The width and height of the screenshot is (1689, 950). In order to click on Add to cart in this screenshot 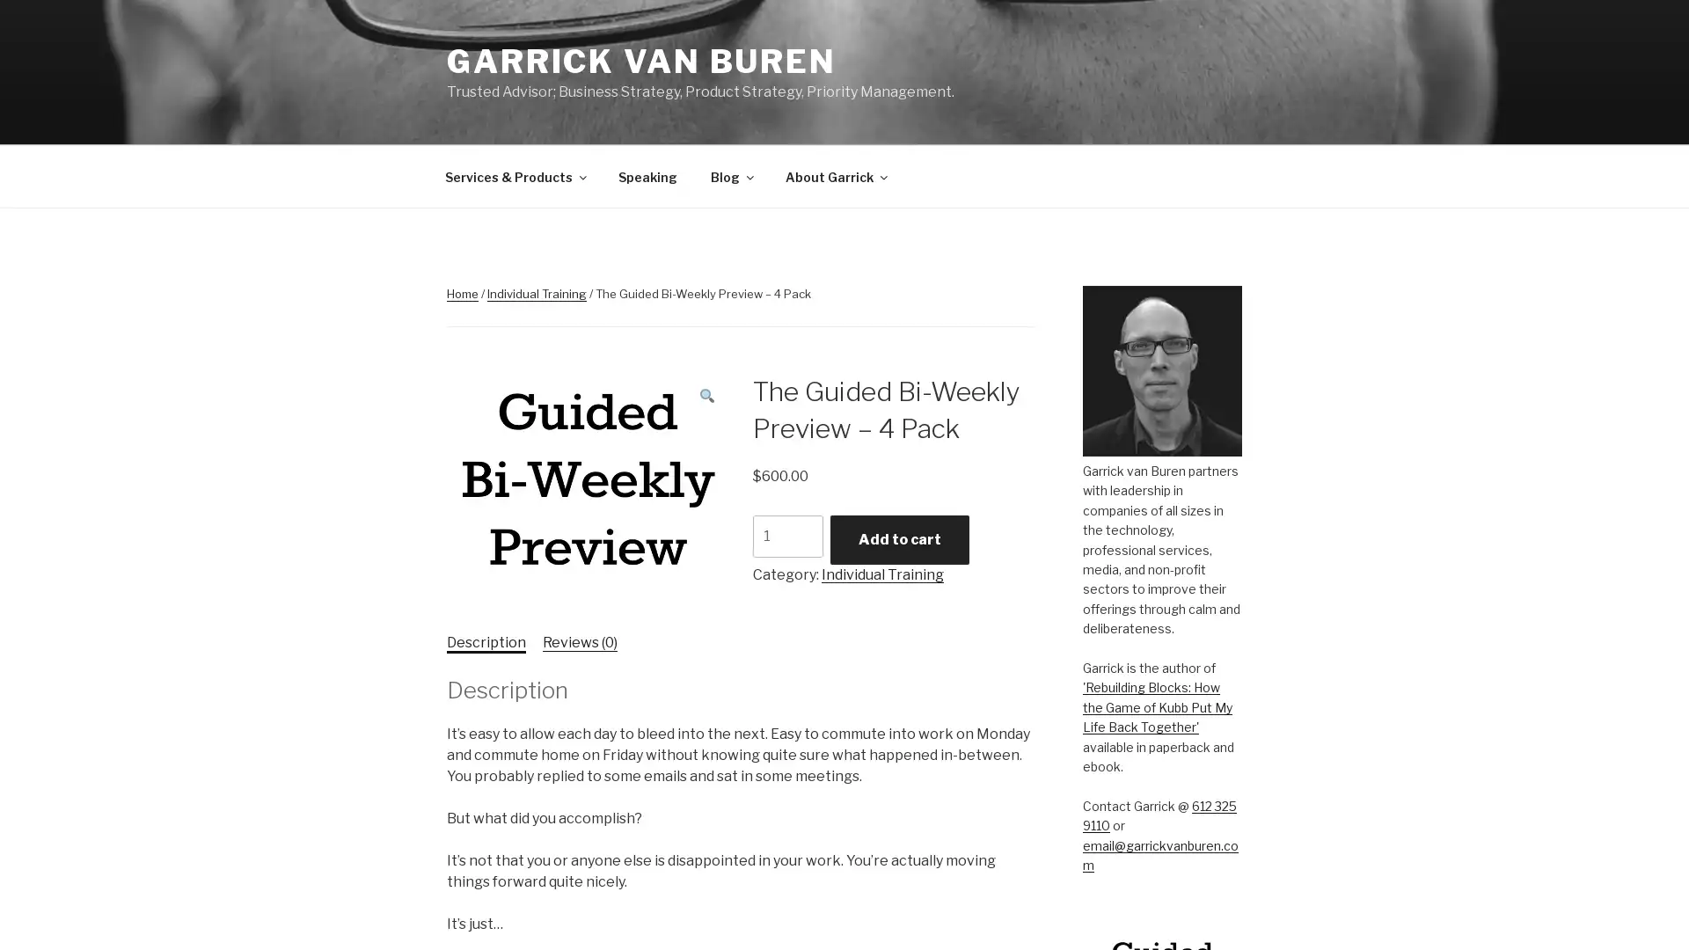, I will do `click(899, 538)`.